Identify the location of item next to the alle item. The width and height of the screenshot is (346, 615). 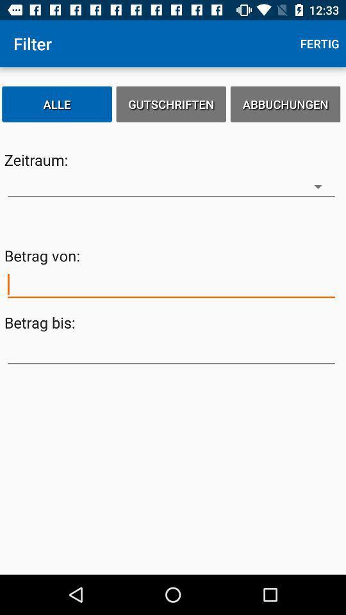
(171, 103).